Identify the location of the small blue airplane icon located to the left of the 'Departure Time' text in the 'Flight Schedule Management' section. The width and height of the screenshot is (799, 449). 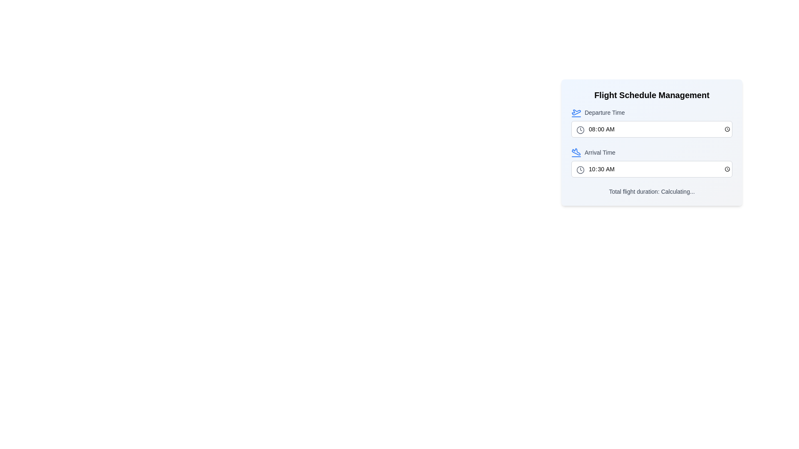
(576, 112).